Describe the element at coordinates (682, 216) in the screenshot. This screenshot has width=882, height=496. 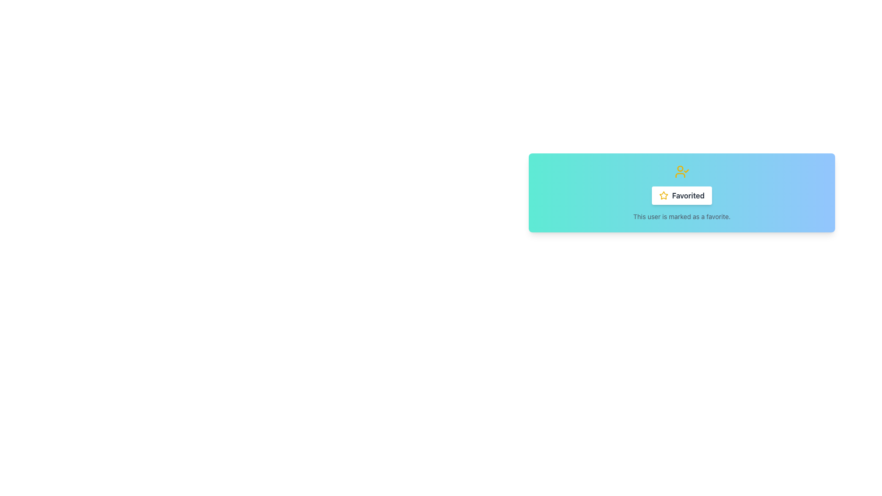
I see `the text label stating 'This user is marked as a favorite.' which is styled in gray and located at the bottom center of a gradient-colored card` at that location.